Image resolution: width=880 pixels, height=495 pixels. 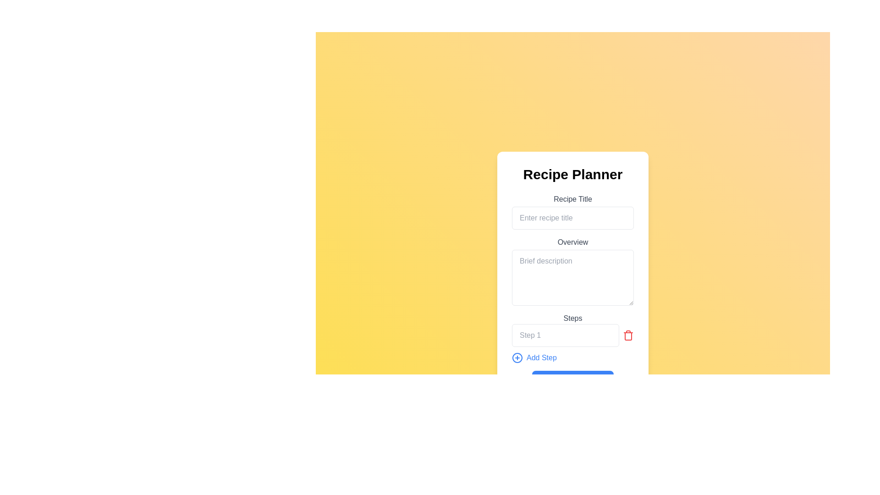 I want to click on the 'Add Step' icon located to the left of the 'Add Step' text within the button at the bottom center of the interface, so click(x=517, y=357).